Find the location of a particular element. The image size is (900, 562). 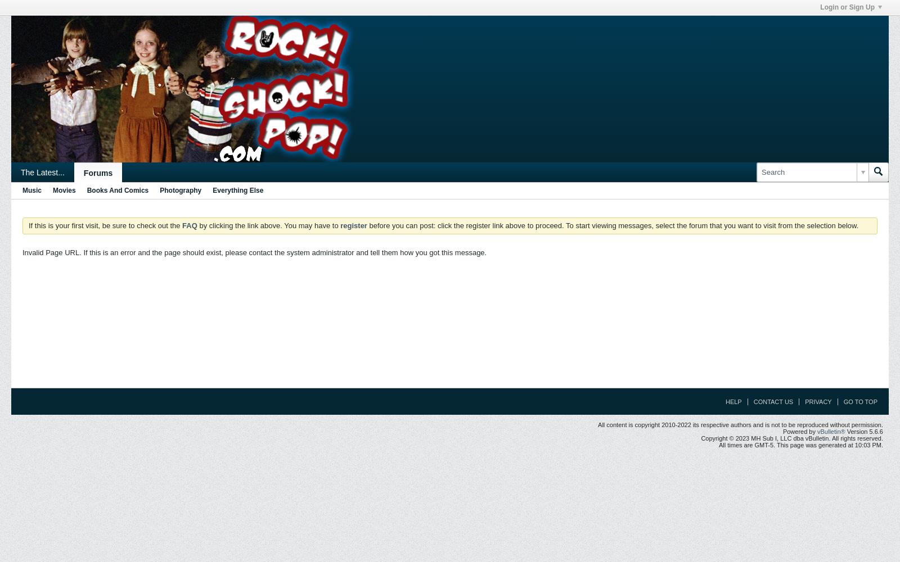

'Login or Sign Up' is located at coordinates (847, 7).